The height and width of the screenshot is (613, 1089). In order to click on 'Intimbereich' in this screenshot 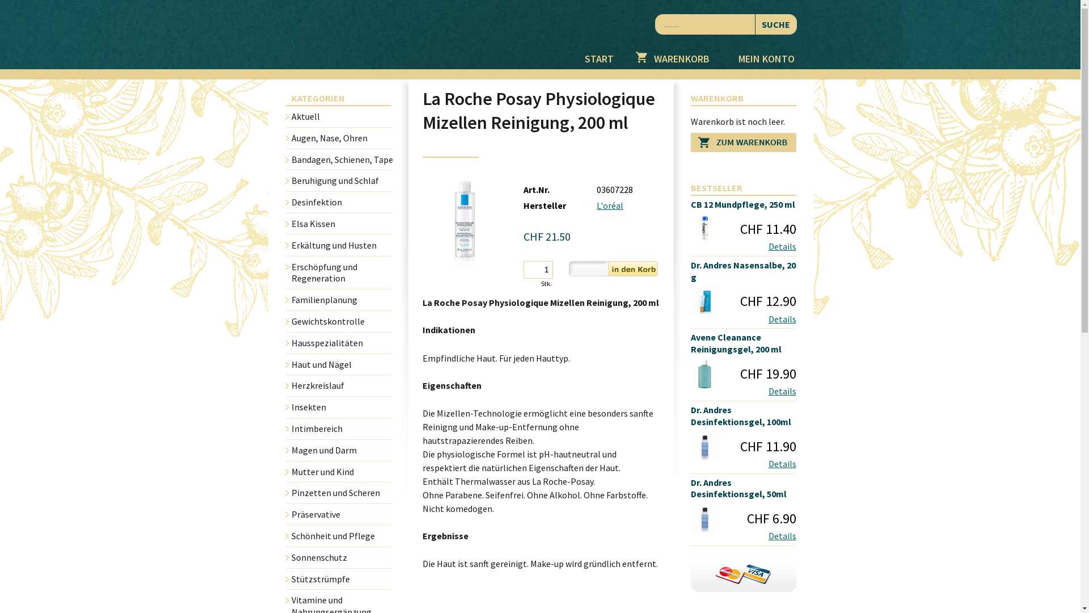, I will do `click(286, 429)`.